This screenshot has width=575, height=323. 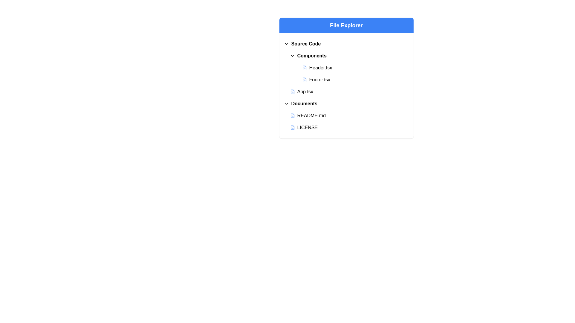 I want to click on the SVG Icon of a downward arrow located to the left of the 'Documents' label, so click(x=286, y=103).